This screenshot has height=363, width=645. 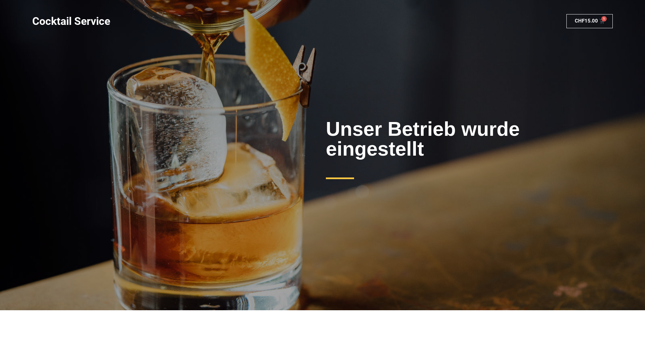 What do you see at coordinates (32, 21) in the screenshot?
I see `'Cocktail Service'` at bounding box center [32, 21].